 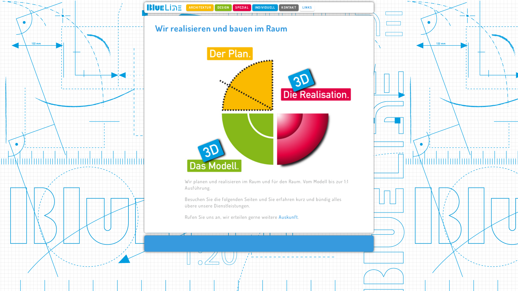 What do you see at coordinates (242, 8) in the screenshot?
I see `'SPEZIAL'` at bounding box center [242, 8].